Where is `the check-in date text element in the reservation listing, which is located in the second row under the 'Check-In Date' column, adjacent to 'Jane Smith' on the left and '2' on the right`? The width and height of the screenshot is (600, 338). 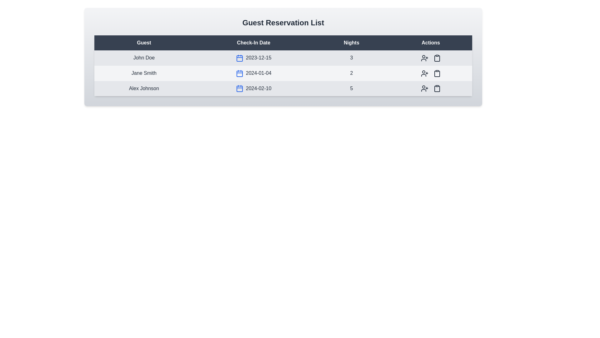
the check-in date text element in the reservation listing, which is located in the second row under the 'Check-In Date' column, adjacent to 'Jane Smith' on the left and '2' on the right is located at coordinates (253, 73).